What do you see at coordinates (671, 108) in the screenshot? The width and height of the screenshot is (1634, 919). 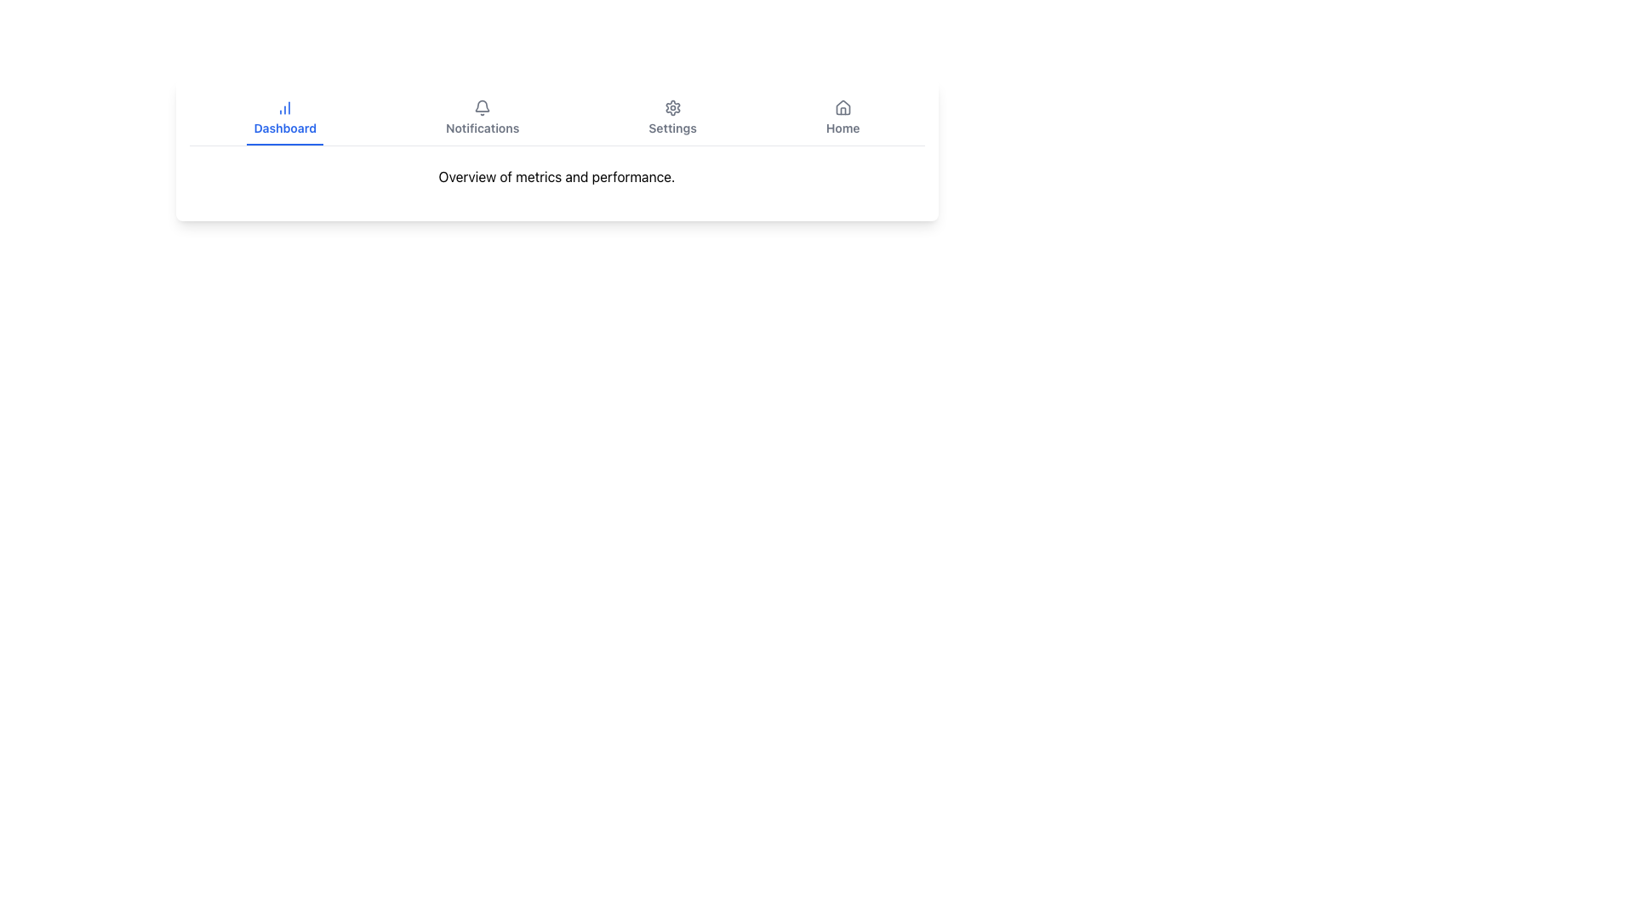 I see `the settings icon, which is a cogwheel design located in the middle of the navigation bar under the 'Settings' label` at bounding box center [671, 108].